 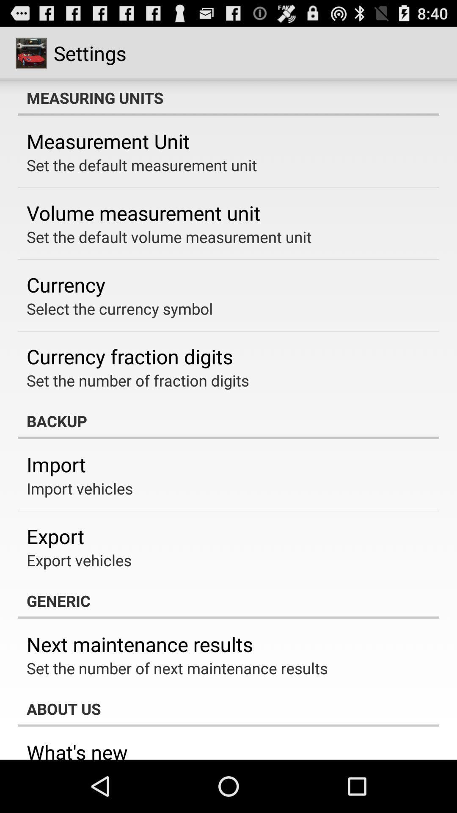 What do you see at coordinates (79, 560) in the screenshot?
I see `the app above generic app` at bounding box center [79, 560].